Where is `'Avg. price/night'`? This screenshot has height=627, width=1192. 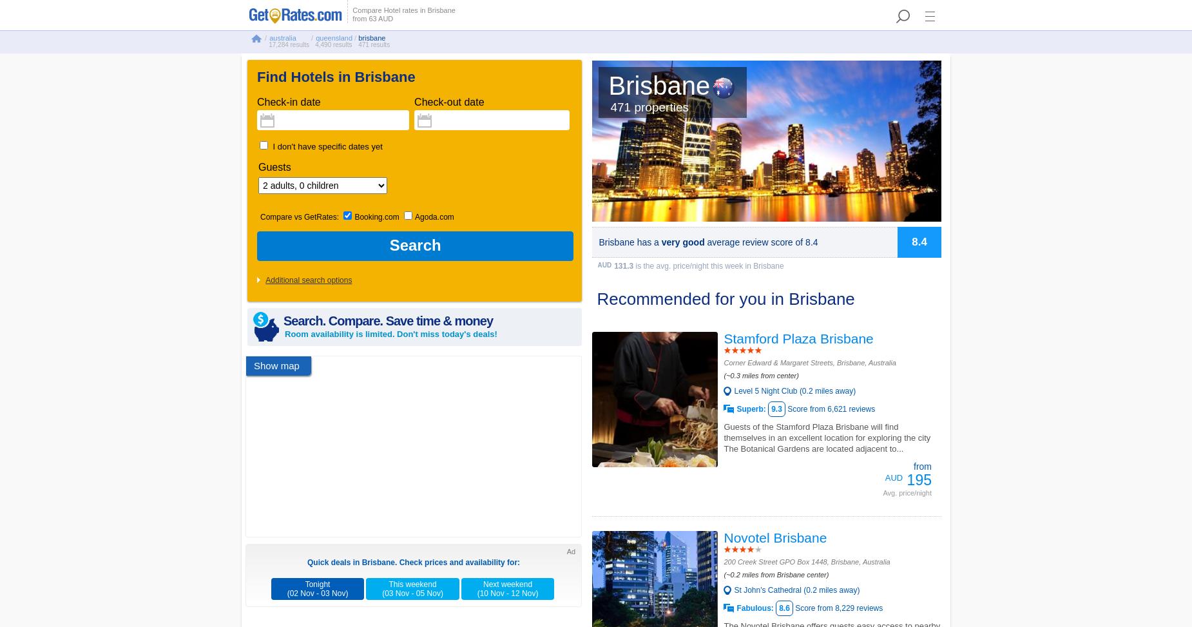
'Avg. price/night' is located at coordinates (907, 492).